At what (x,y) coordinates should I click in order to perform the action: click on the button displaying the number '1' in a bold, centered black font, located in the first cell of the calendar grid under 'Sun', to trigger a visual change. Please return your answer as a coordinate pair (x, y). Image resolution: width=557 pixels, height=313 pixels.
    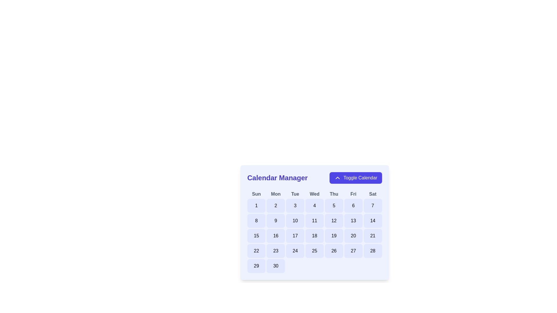
    Looking at the image, I should click on (256, 205).